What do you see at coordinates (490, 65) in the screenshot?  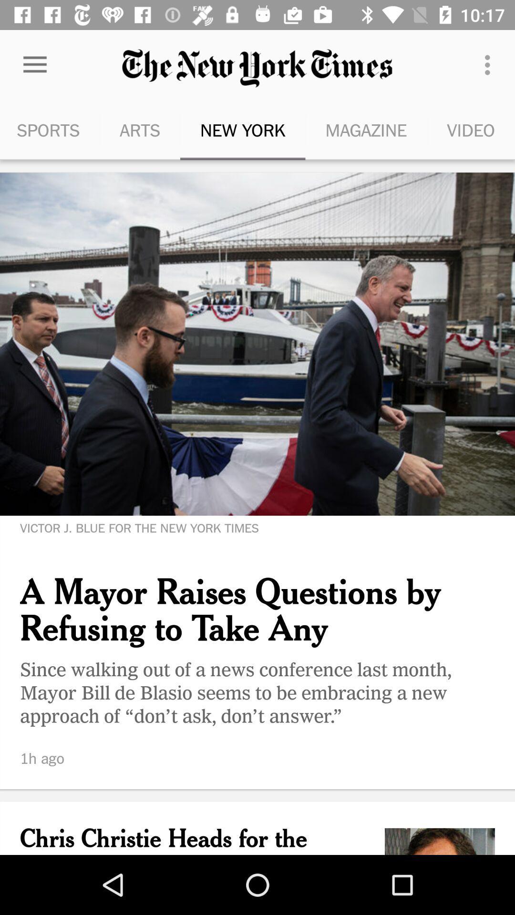 I see `the menu option` at bounding box center [490, 65].